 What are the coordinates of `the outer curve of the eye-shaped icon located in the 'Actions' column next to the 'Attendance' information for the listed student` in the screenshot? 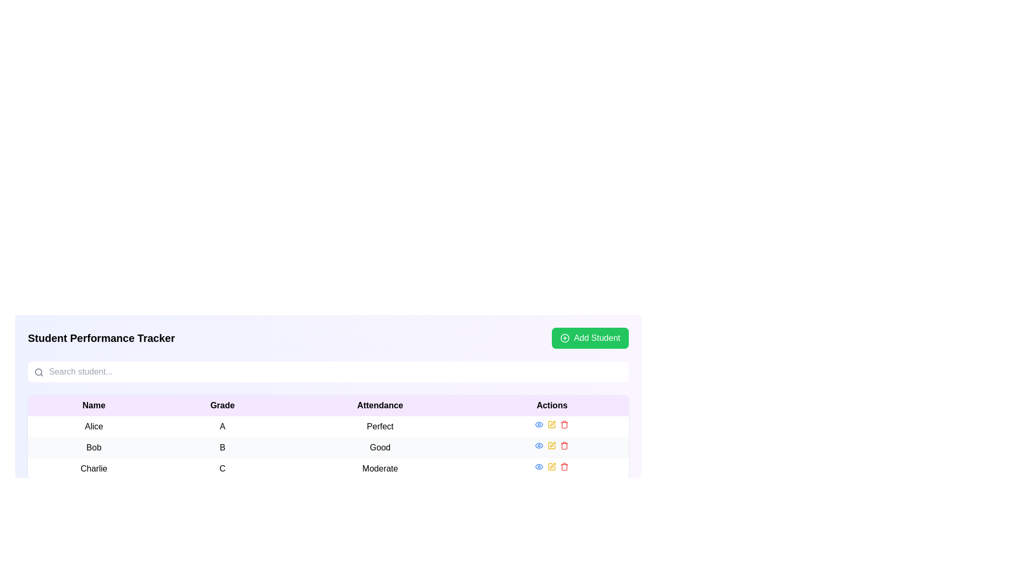 It's located at (539, 466).